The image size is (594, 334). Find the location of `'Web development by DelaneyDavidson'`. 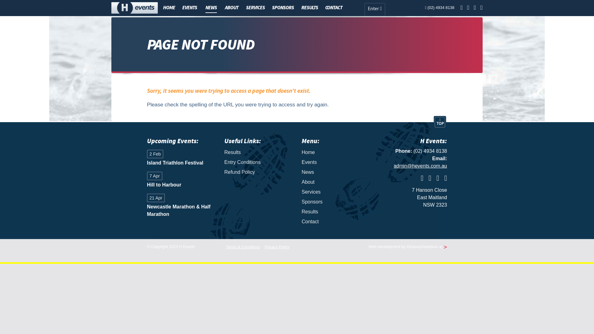

'Web development by DelaneyDavidson' is located at coordinates (368, 246).